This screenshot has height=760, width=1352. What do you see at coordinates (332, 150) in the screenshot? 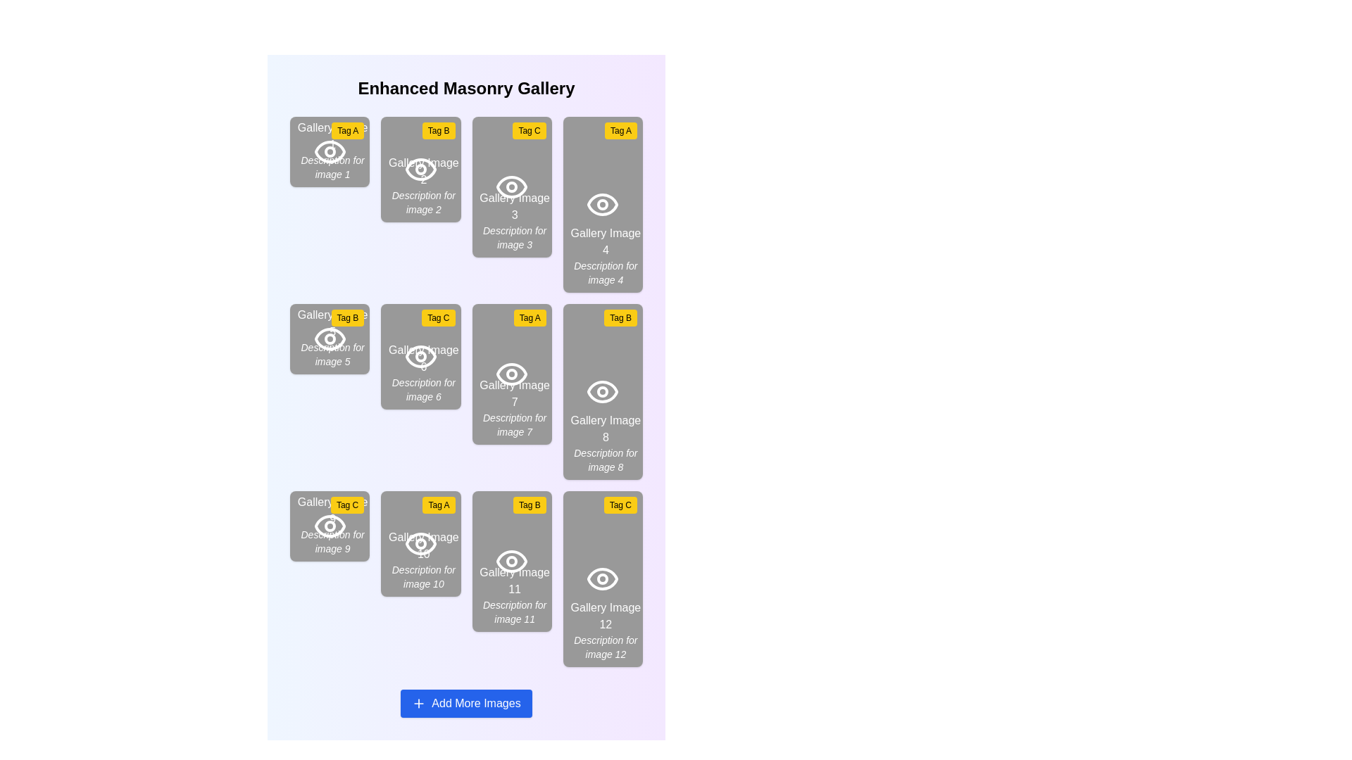
I see `descriptive text label located at the top-left corner of the image gallery grid, which identifies the purpose of the corresponding image` at bounding box center [332, 150].